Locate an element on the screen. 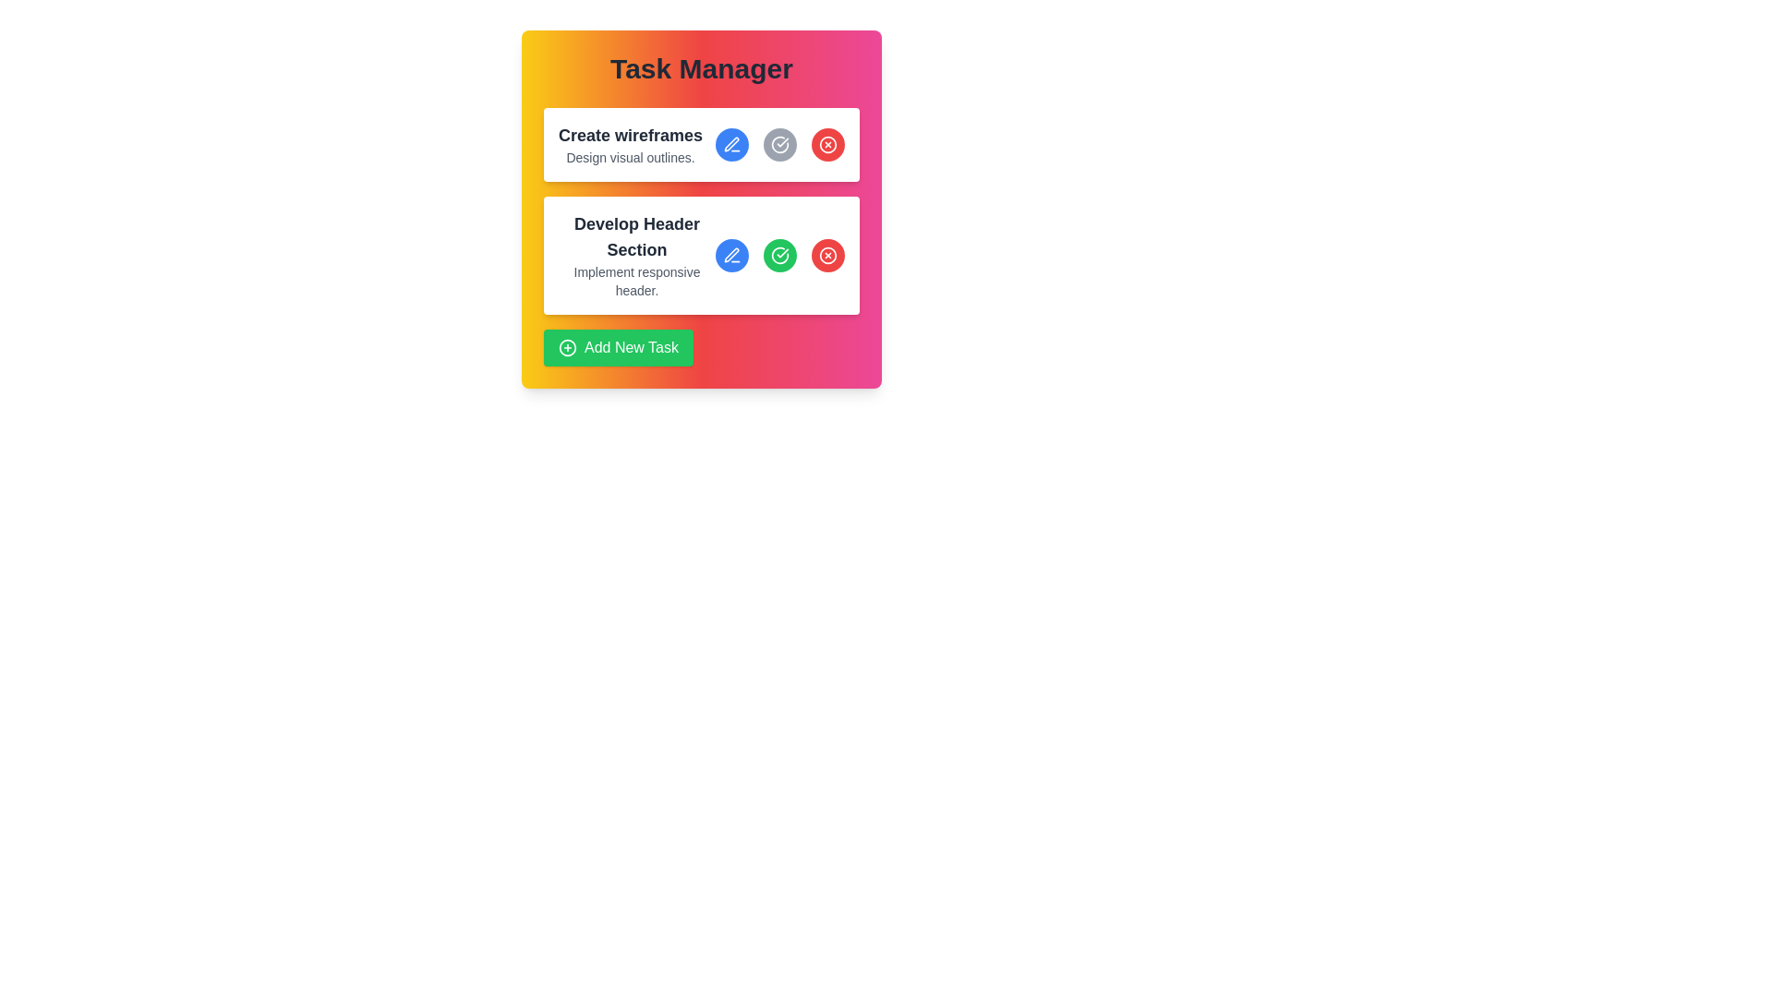 Image resolution: width=1773 pixels, height=997 pixels. the circular button with a blue background and white pen icon to invoke the edit action is located at coordinates (730, 256).